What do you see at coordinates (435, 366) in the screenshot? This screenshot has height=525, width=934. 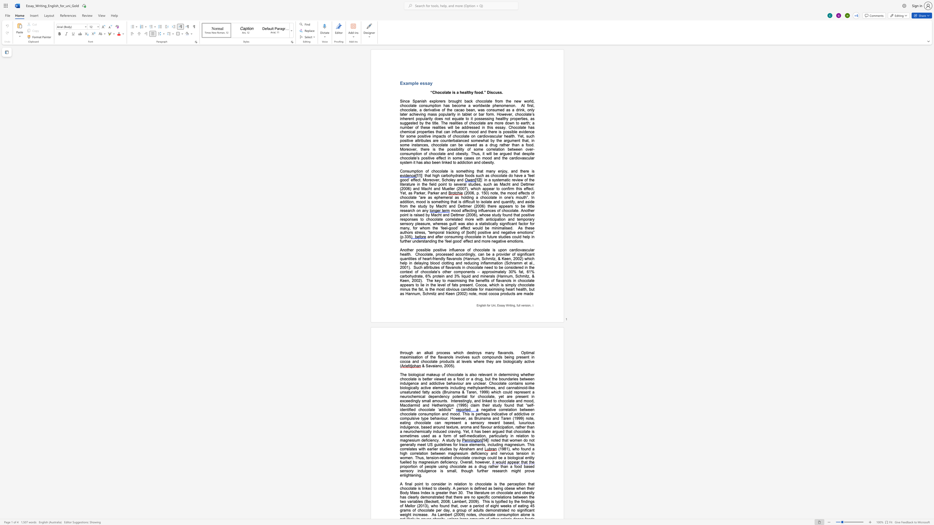 I see `the space between the continuous character "i" and "a" in the text` at bounding box center [435, 366].